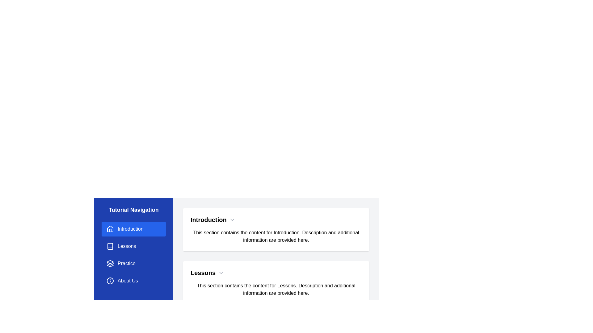  I want to click on the small, downward-pointing chevron icon located at the right end of the heading labeled 'Introduction', so click(232, 220).